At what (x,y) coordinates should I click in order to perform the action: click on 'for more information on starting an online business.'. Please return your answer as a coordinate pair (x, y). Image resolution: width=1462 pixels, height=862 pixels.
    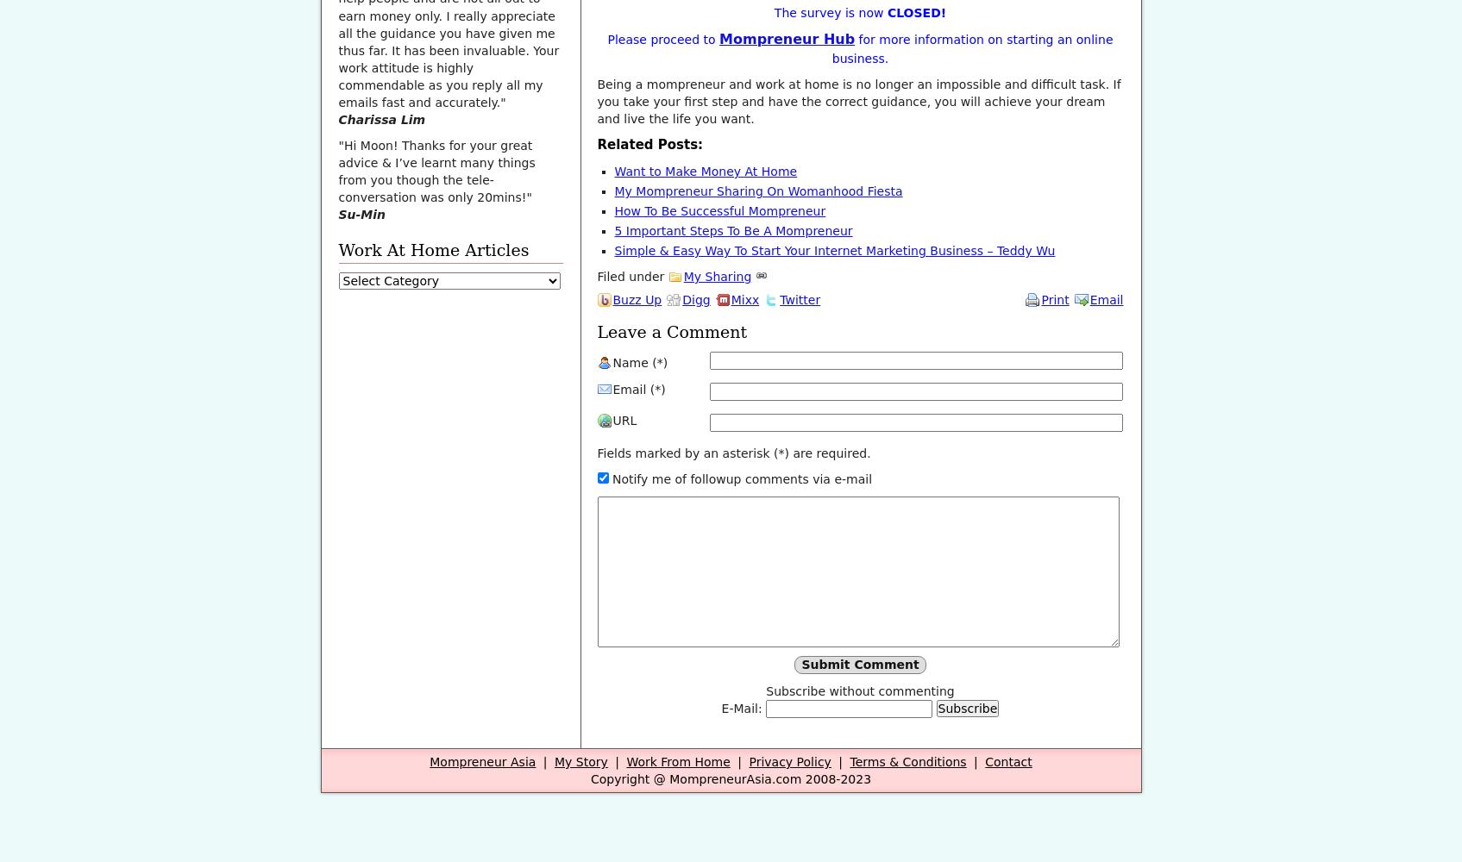
    Looking at the image, I should click on (971, 48).